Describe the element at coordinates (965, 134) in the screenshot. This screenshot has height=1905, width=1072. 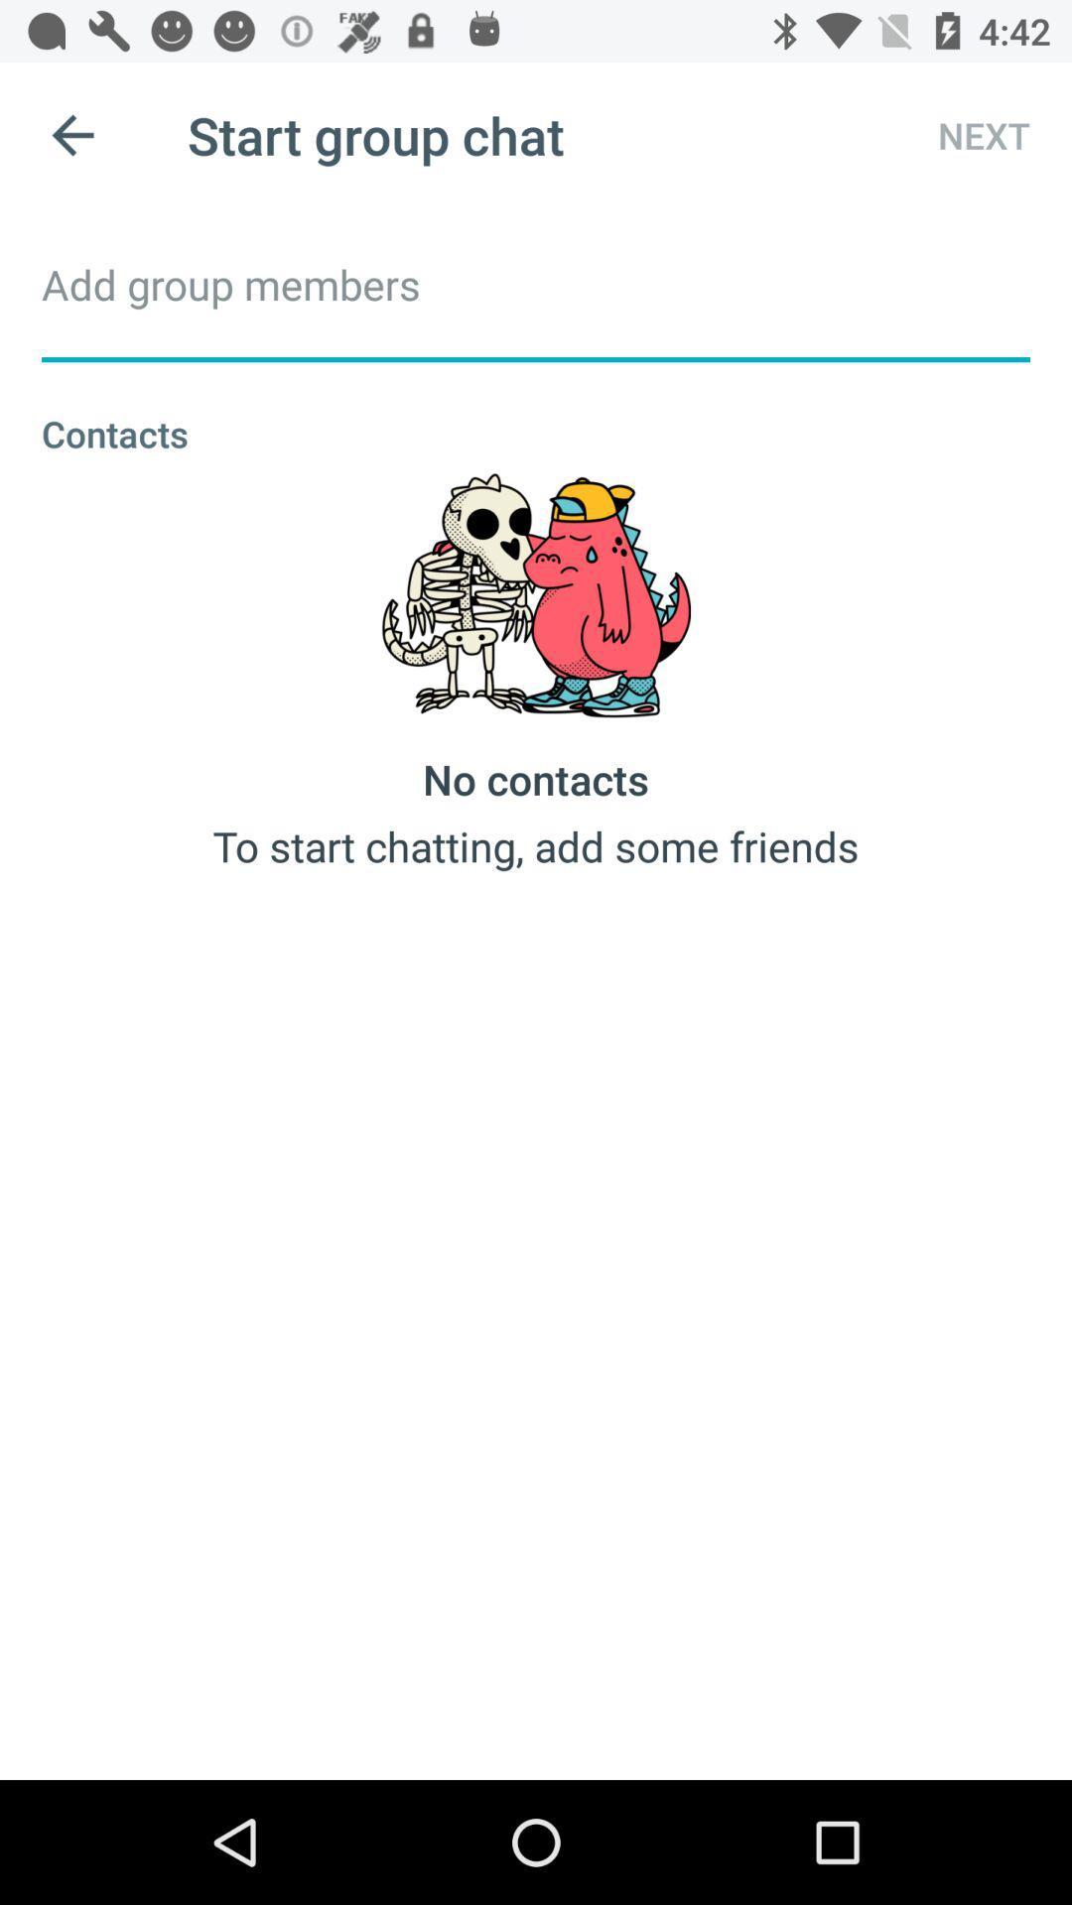
I see `the icon next to start group chat item` at that location.